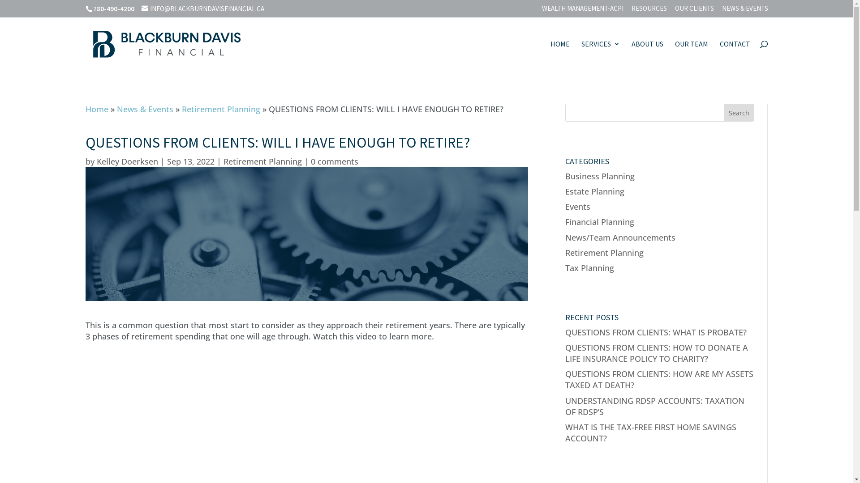 This screenshot has height=483, width=860. Describe the element at coordinates (600, 55) in the screenshot. I see `'SERVICES'` at that location.